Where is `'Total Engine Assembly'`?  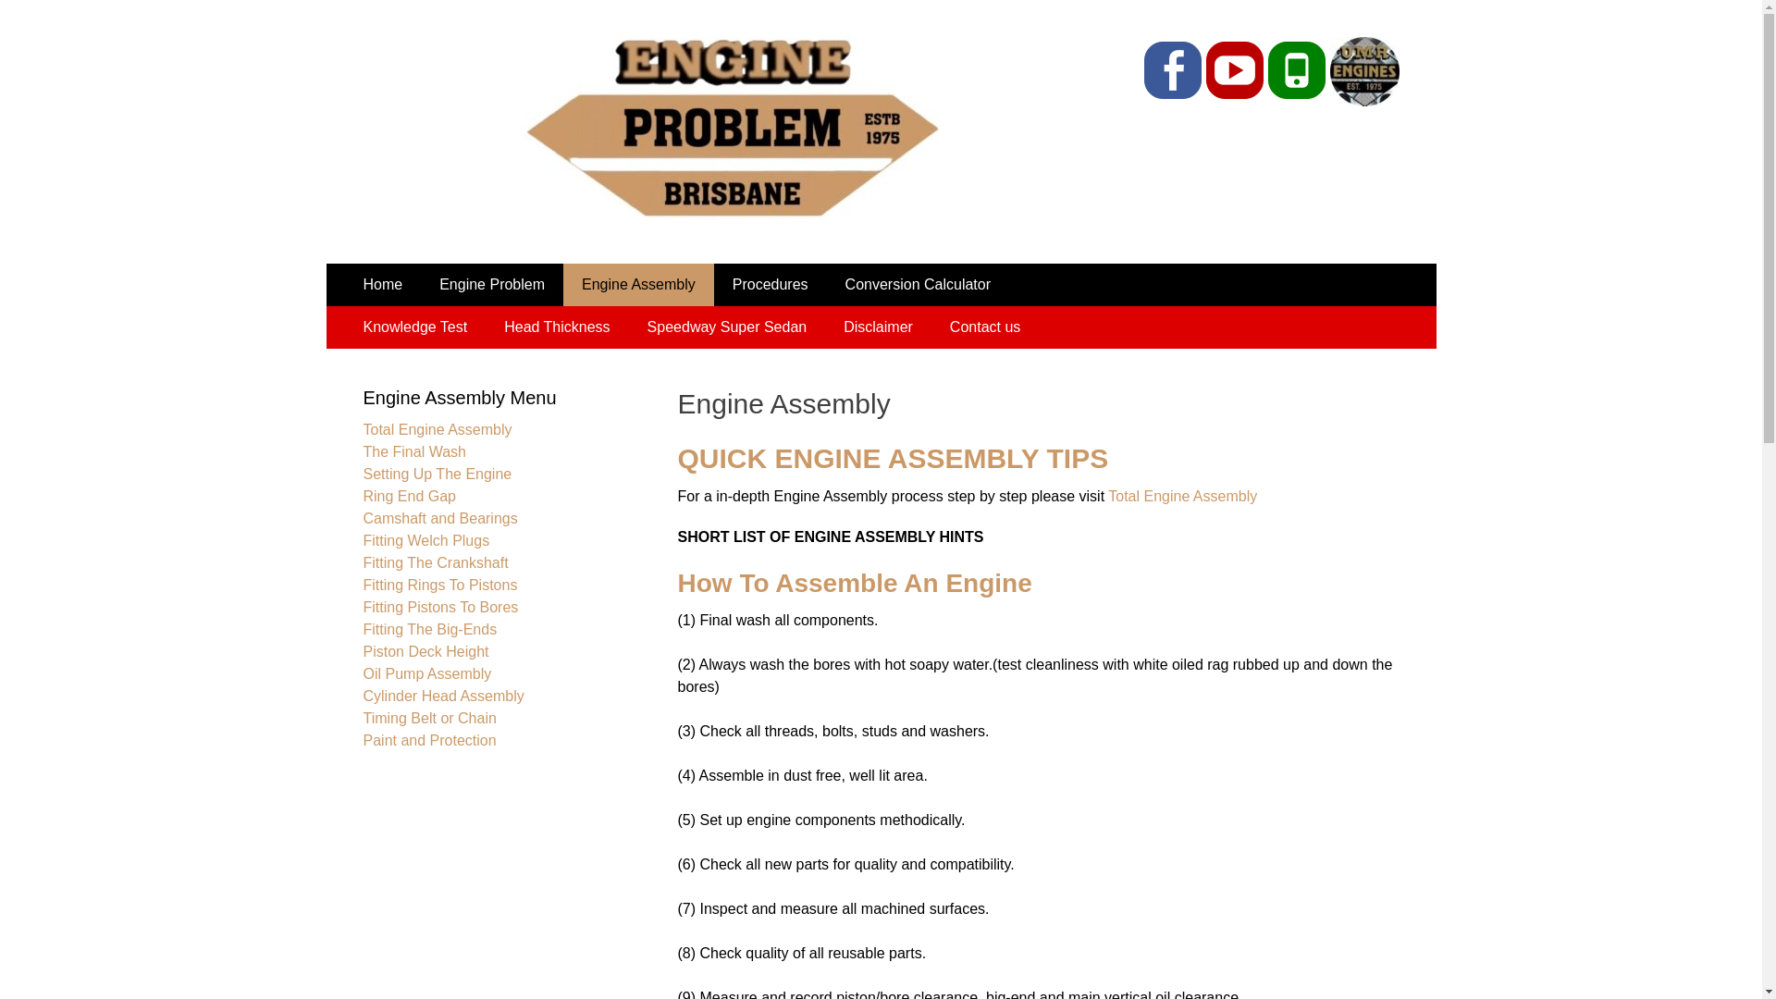 'Total Engine Assembly' is located at coordinates (1181, 495).